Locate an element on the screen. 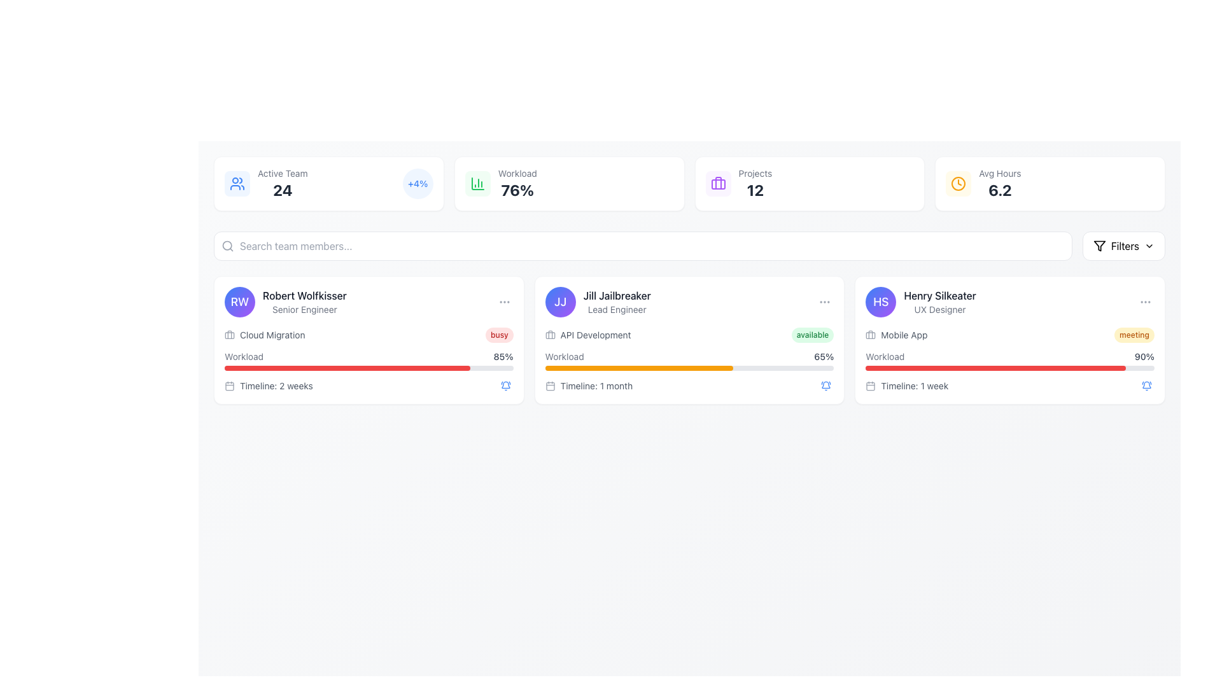  the rounded rectangle icon with a briefcase in purple, located within the 'Projects' section in the upper panel of the interface is located at coordinates (718, 184).